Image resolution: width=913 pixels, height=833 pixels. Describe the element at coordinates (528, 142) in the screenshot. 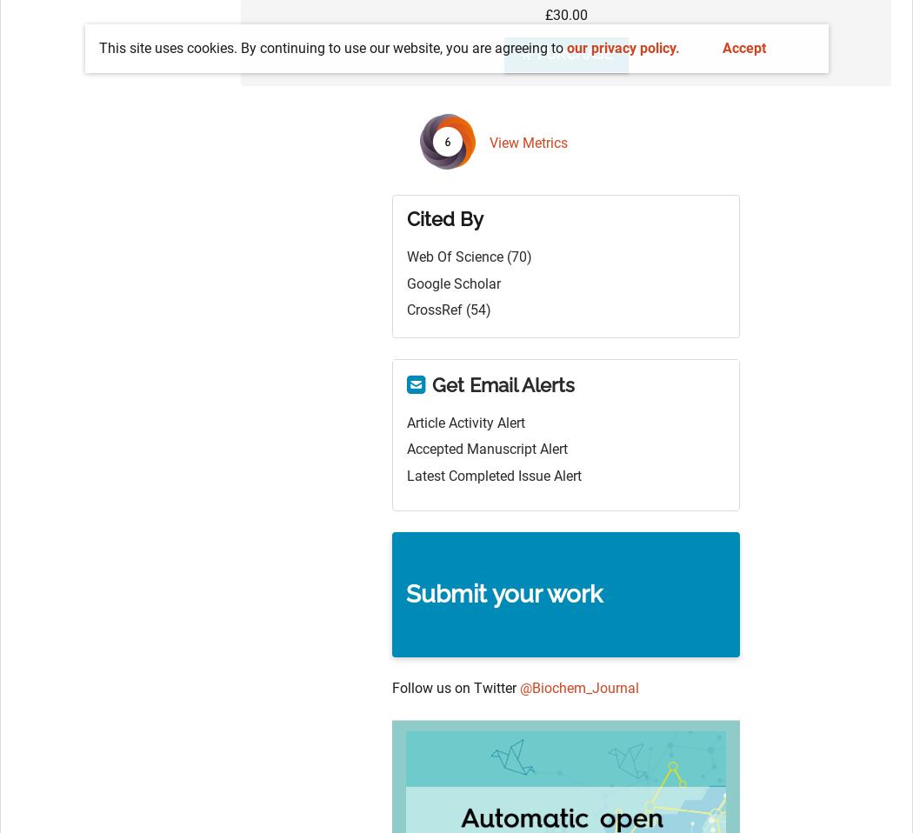

I see `'View Metrics'` at that location.